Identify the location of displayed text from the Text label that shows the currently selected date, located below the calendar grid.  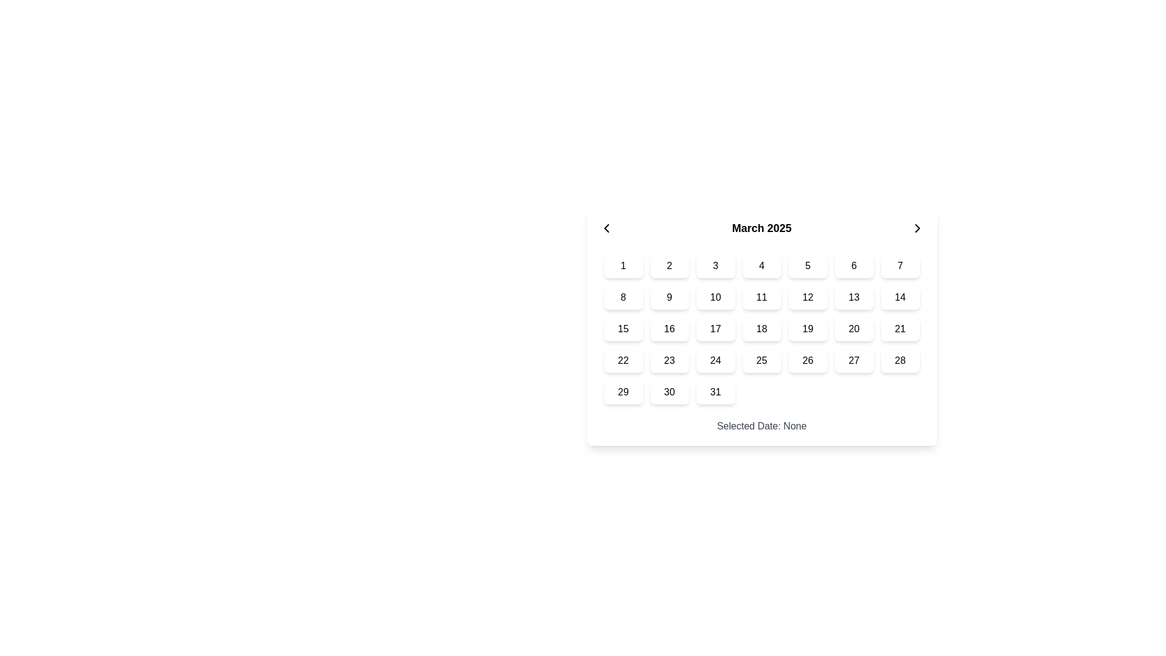
(761, 426).